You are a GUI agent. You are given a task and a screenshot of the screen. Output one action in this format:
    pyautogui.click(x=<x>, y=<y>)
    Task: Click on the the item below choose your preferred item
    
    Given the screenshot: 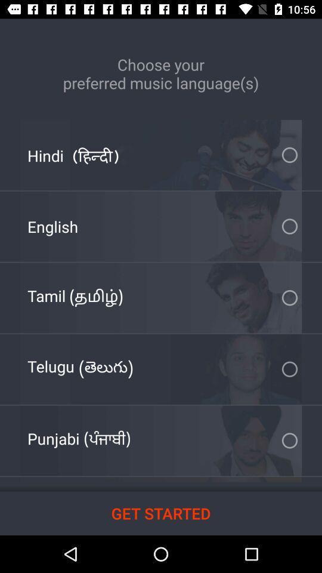 What is the action you would take?
    pyautogui.click(x=73, y=155)
    